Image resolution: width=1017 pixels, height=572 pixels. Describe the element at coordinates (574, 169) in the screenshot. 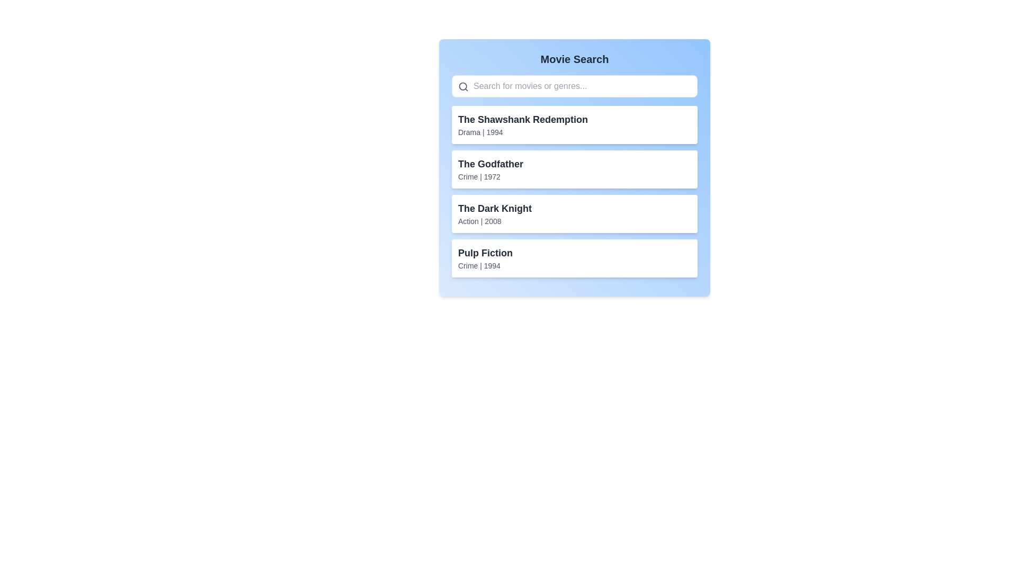

I see `the card titled 'The Godfather'` at that location.